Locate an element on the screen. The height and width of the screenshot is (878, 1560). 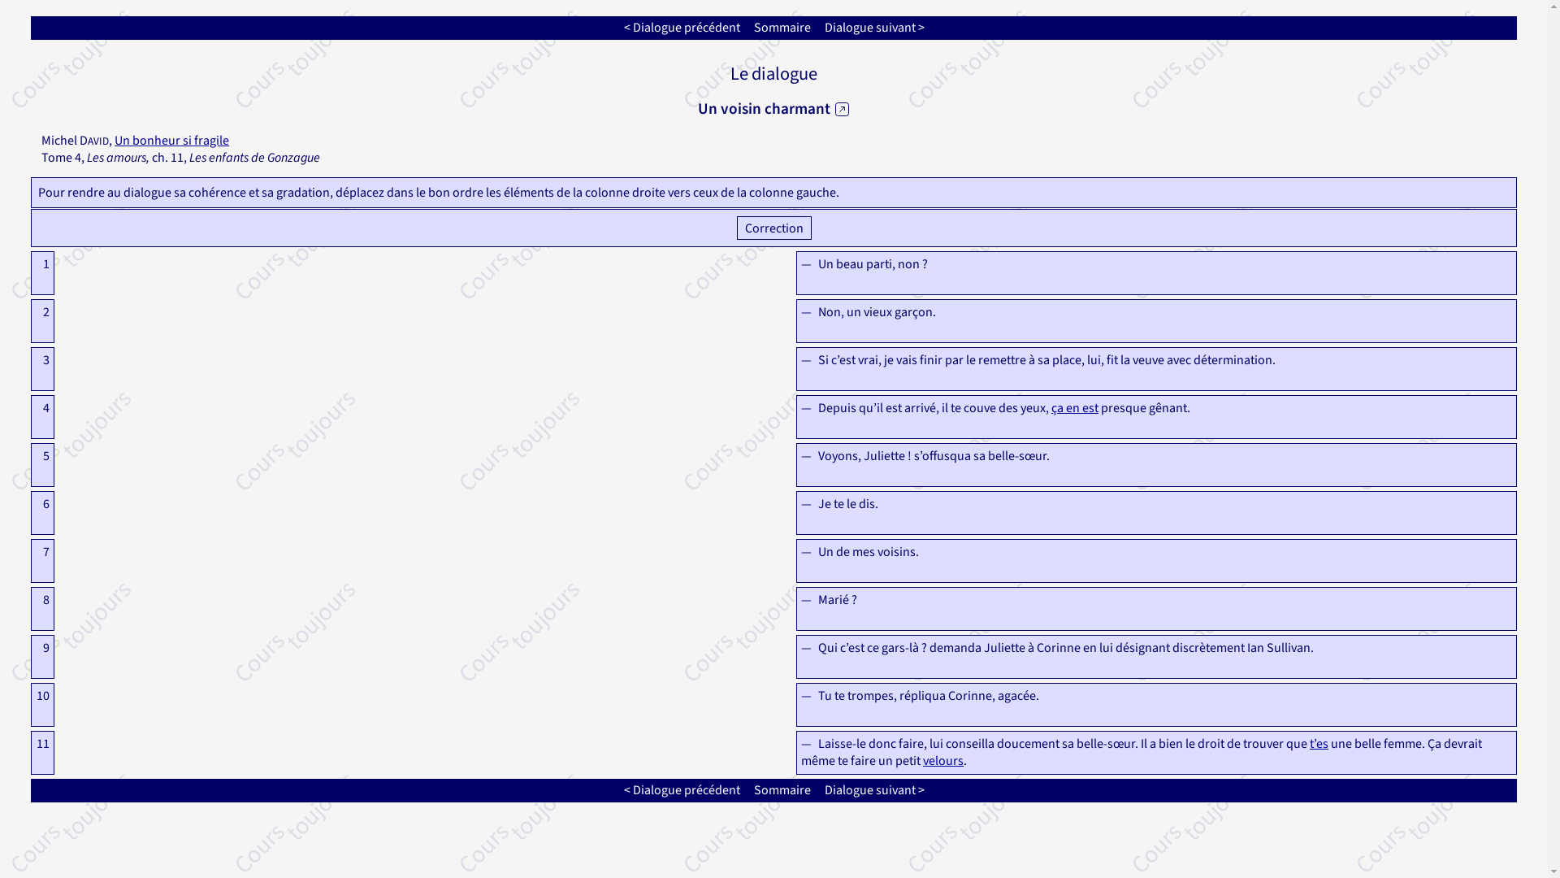
'velours' is located at coordinates (943, 761).